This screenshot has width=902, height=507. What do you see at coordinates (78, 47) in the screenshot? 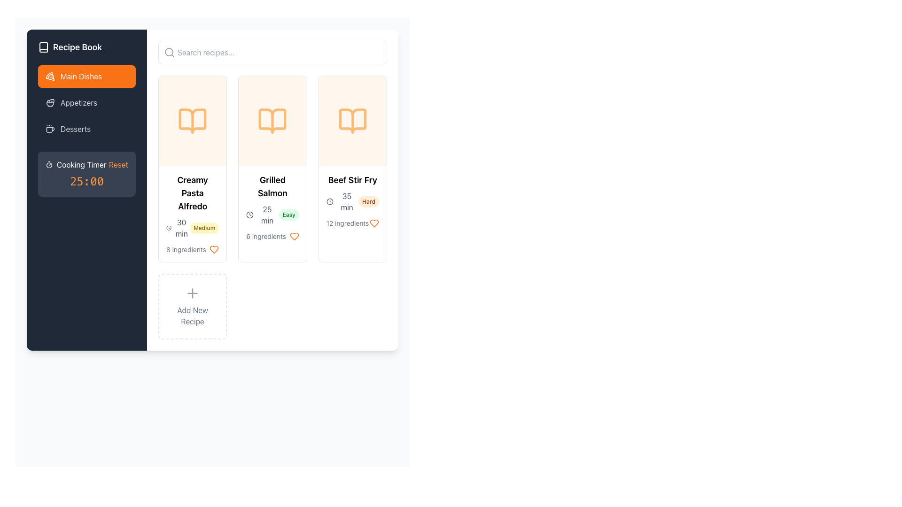
I see `the 'Recipe Book' text in the left-side vertical navigation bar, which is styled in bold white font against a dark background and located immediately to the right of a book icon` at bounding box center [78, 47].